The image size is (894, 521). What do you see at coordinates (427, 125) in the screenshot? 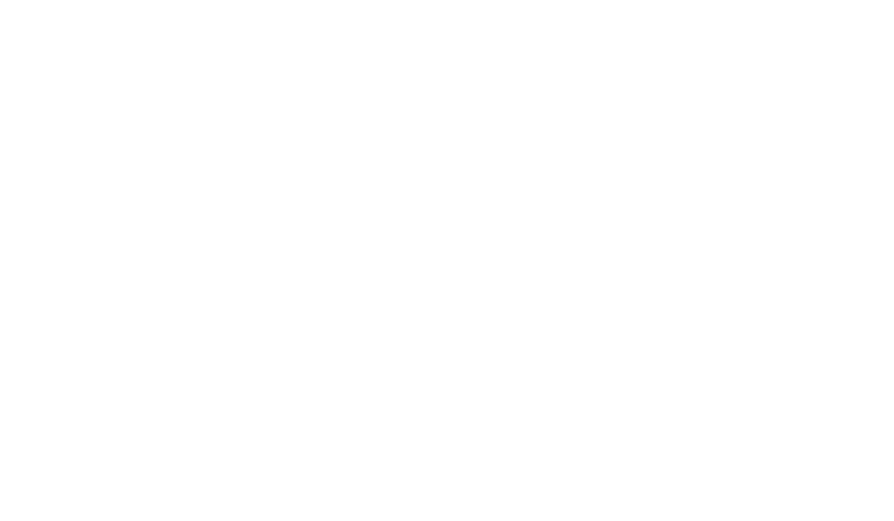
I see `'35'` at bounding box center [427, 125].